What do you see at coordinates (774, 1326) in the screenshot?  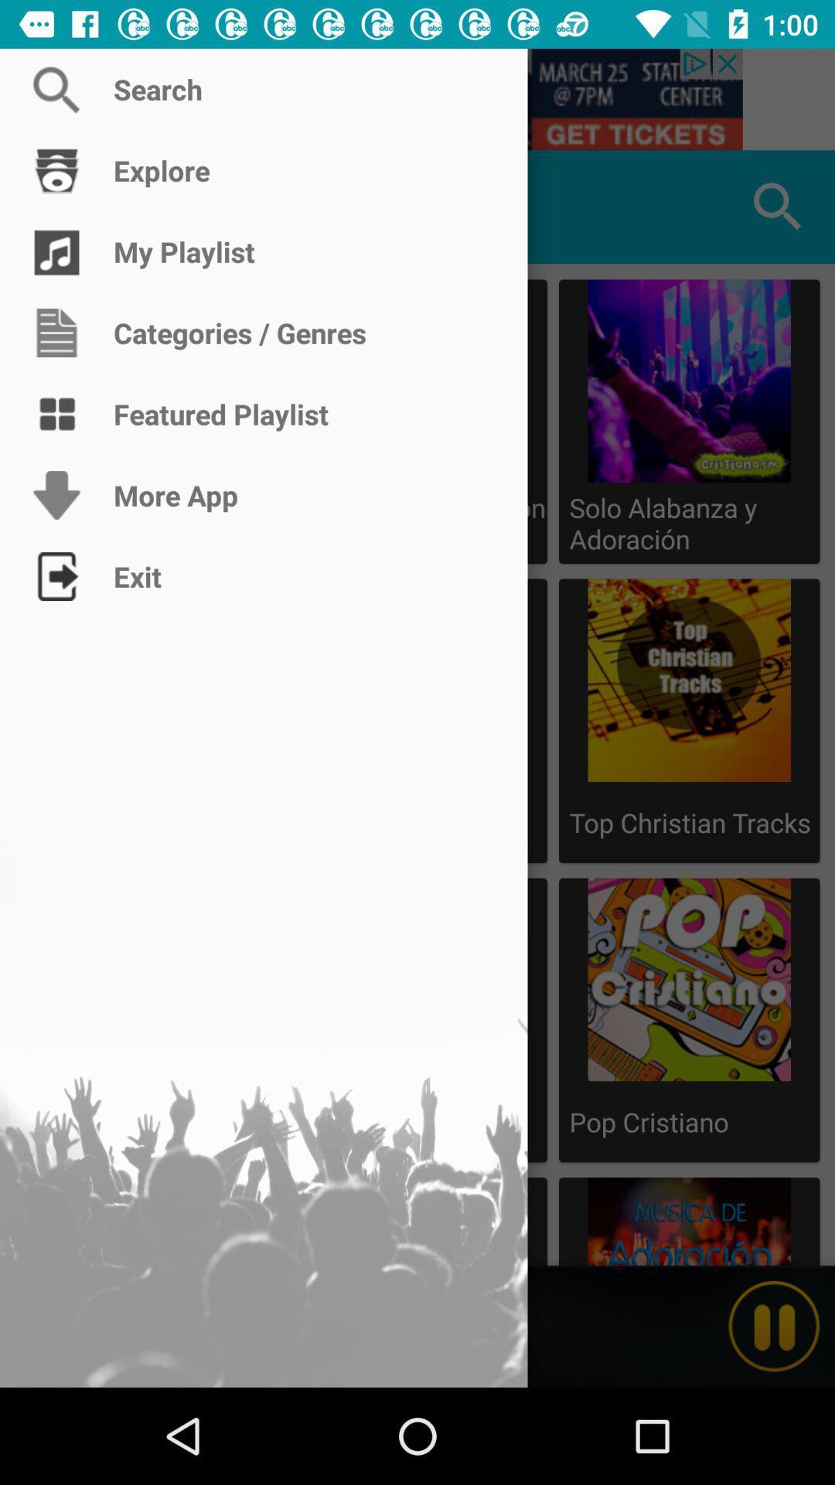 I see `or pause` at bounding box center [774, 1326].